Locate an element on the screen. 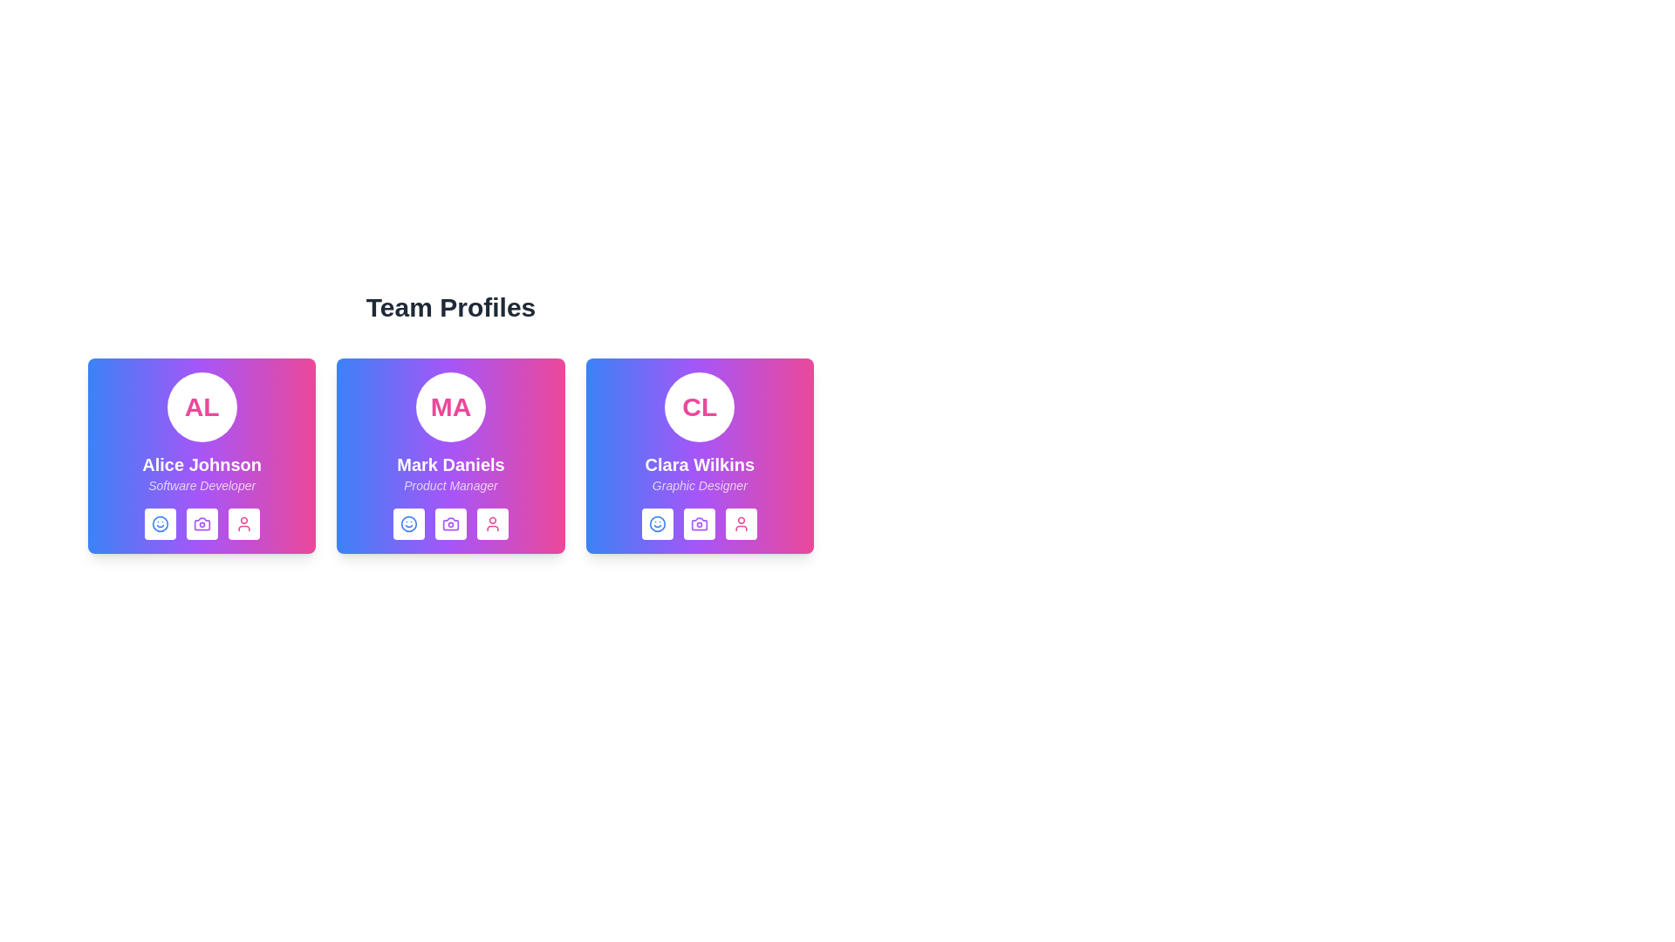  the user icon button located in the bottom-right corner of the last profile card is located at coordinates (742, 523).